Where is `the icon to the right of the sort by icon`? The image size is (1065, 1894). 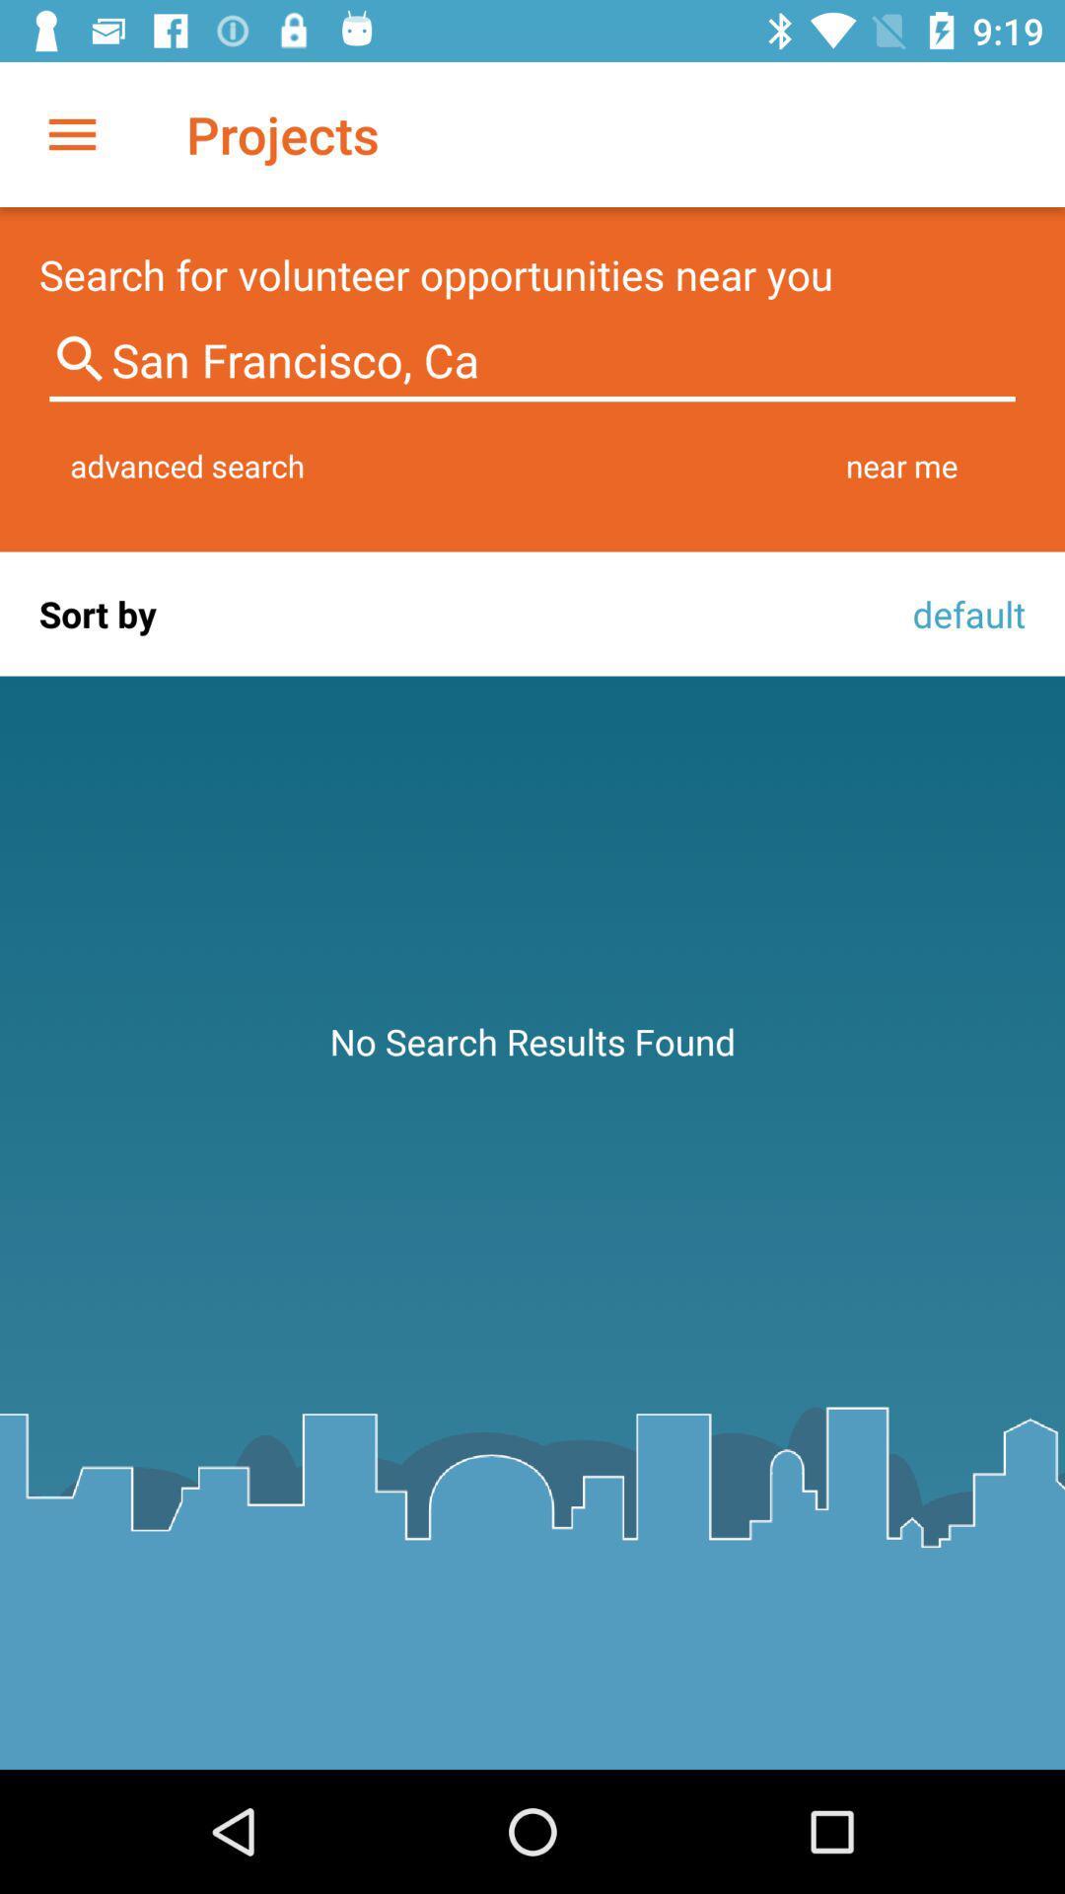 the icon to the right of the sort by icon is located at coordinates (962, 613).